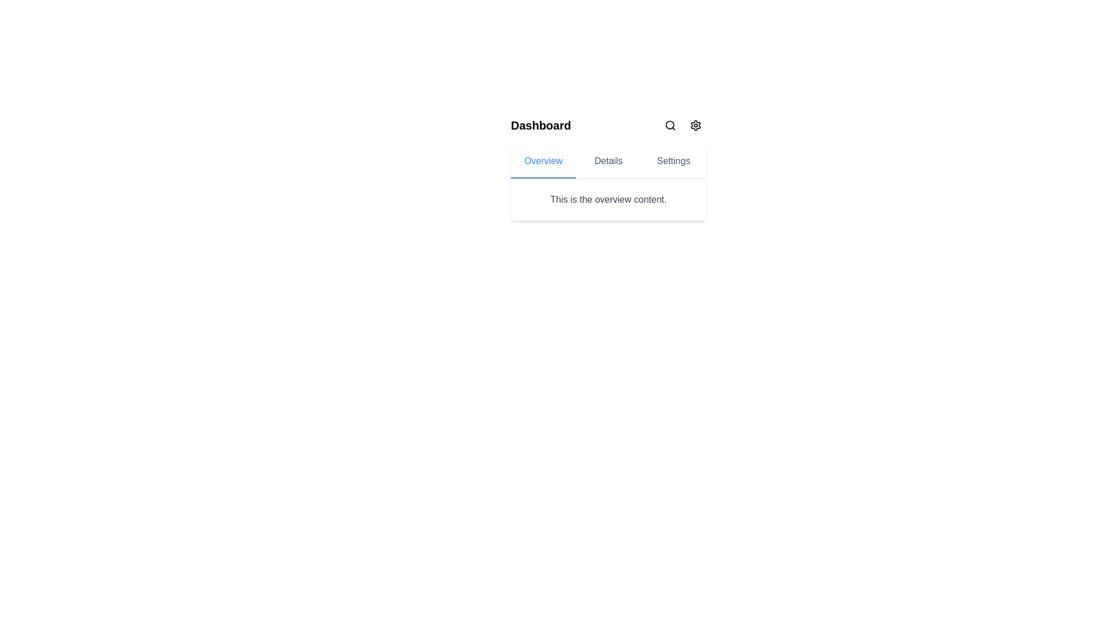 Image resolution: width=1106 pixels, height=622 pixels. I want to click on the gear-shaped icon button located in the top-right of the interface, so click(695, 126).